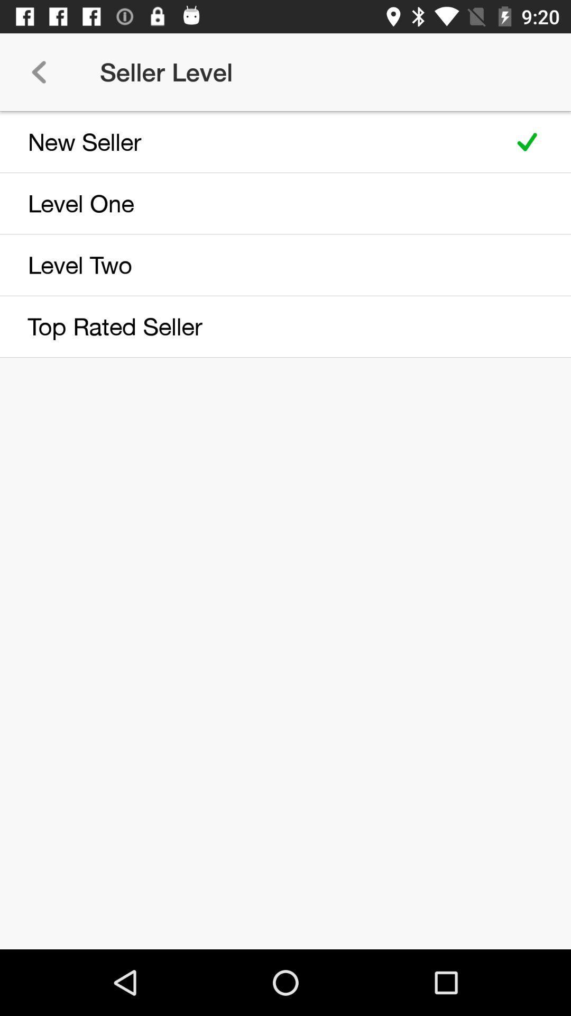 The image size is (571, 1016). What do you see at coordinates (250, 265) in the screenshot?
I see `item below level one icon` at bounding box center [250, 265].